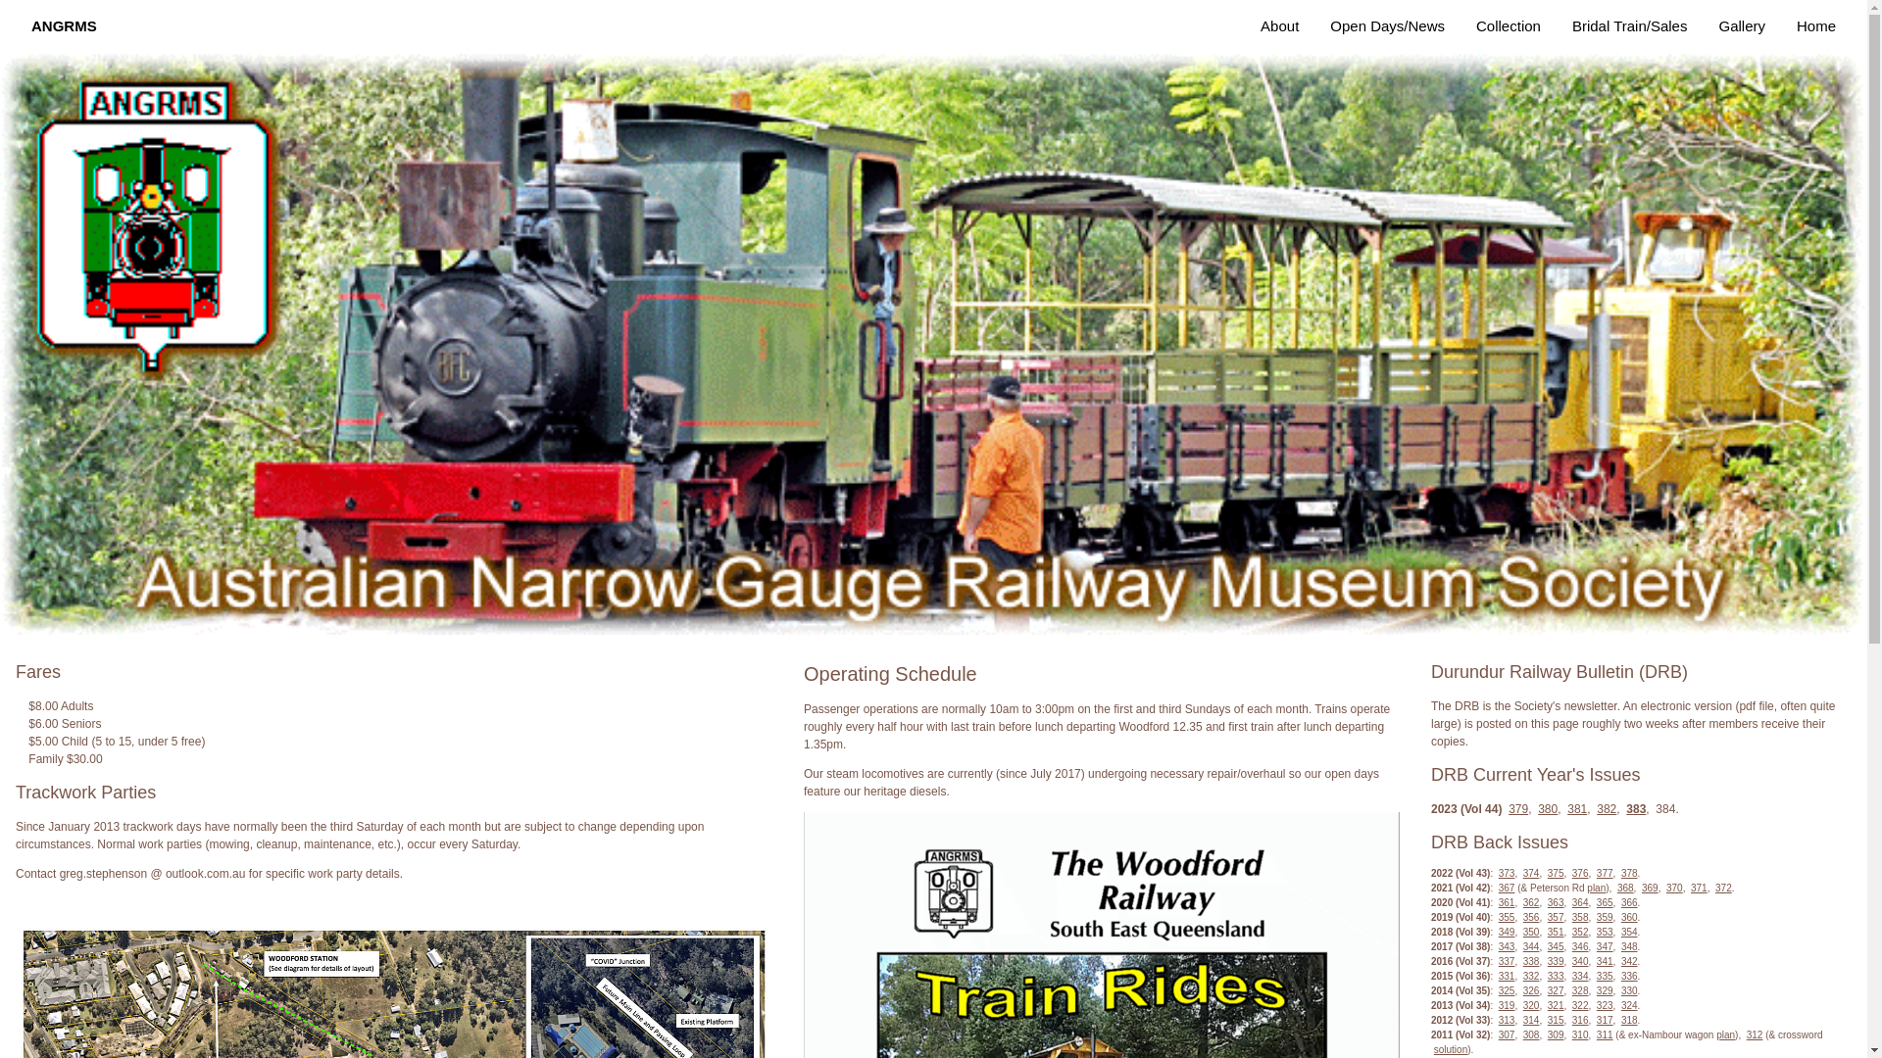 This screenshot has height=1058, width=1882. Describe the element at coordinates (1498, 917) in the screenshot. I see `'355'` at that location.